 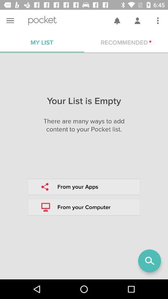 What do you see at coordinates (84, 207) in the screenshot?
I see `the box which includes the symbol of desktop in it` at bounding box center [84, 207].